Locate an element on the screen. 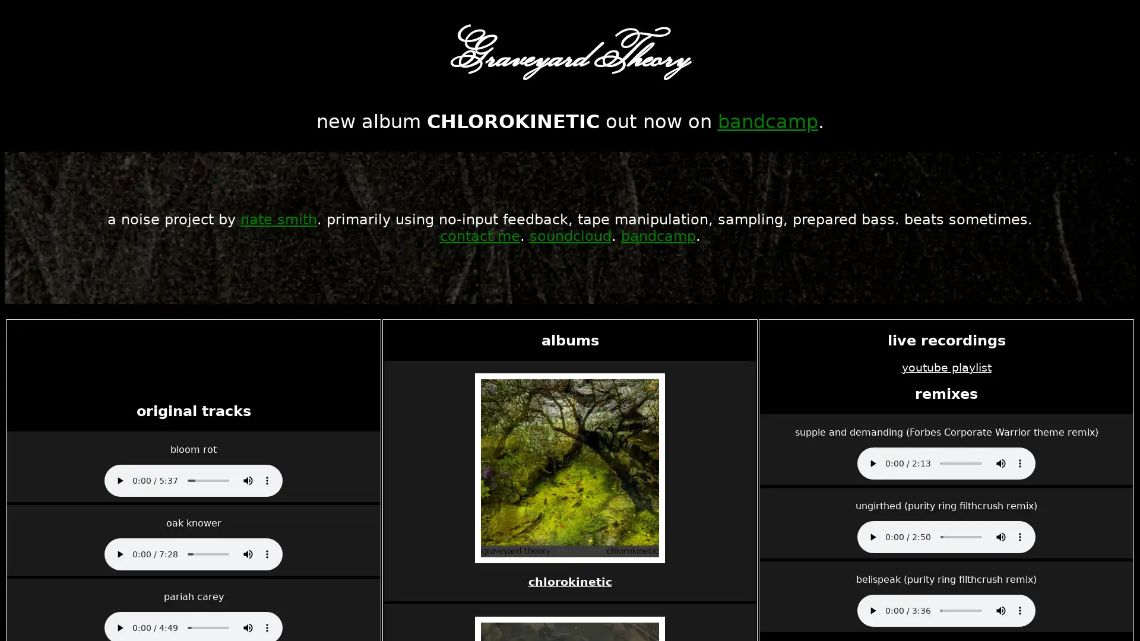  mute is located at coordinates (247, 480).